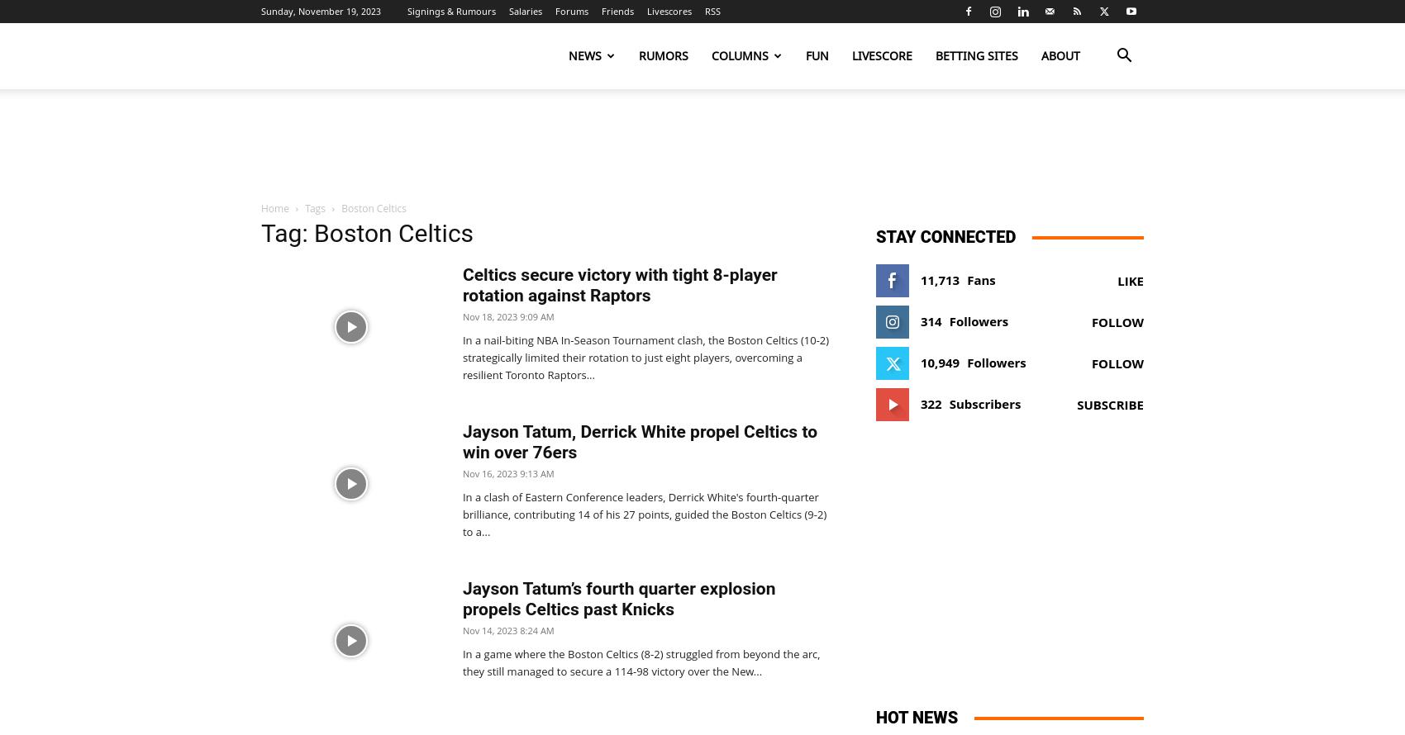  Describe the element at coordinates (639, 441) in the screenshot. I see `'Jayson Tatum, Derrick White propel Celtics to win over 76ers'` at that location.